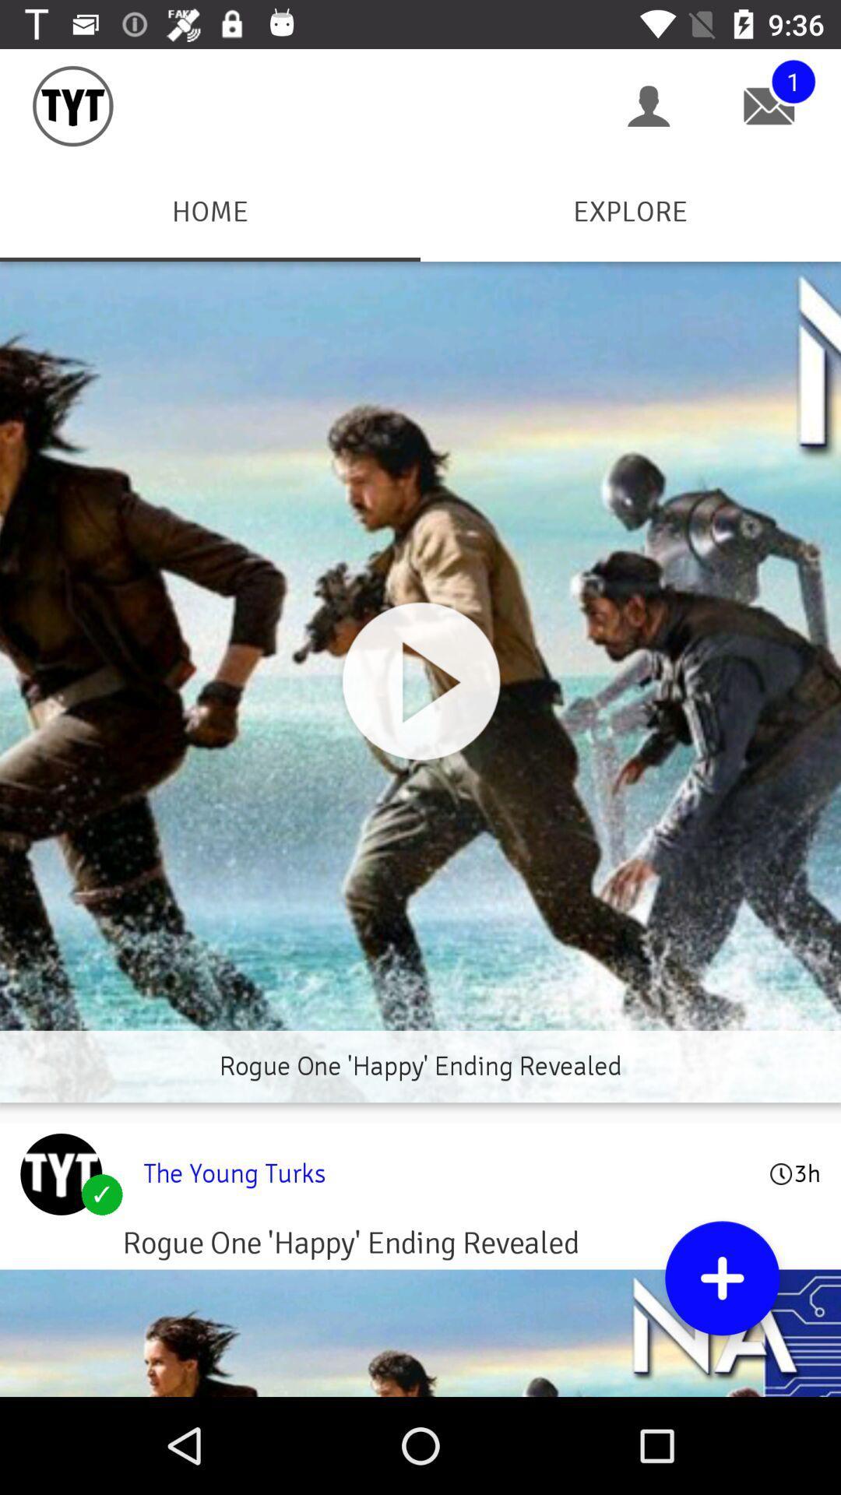  What do you see at coordinates (60, 1174) in the screenshot?
I see `the app next to the rogue one happy` at bounding box center [60, 1174].